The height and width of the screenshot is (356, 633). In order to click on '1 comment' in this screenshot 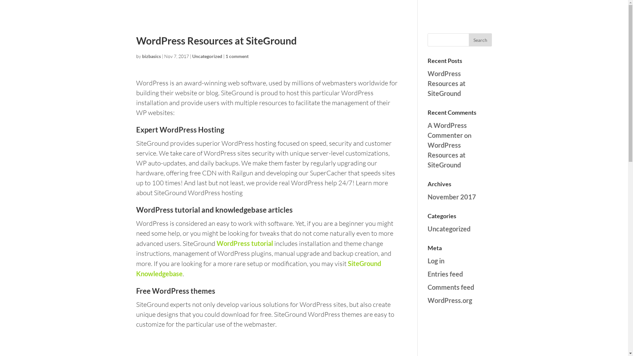, I will do `click(237, 56)`.